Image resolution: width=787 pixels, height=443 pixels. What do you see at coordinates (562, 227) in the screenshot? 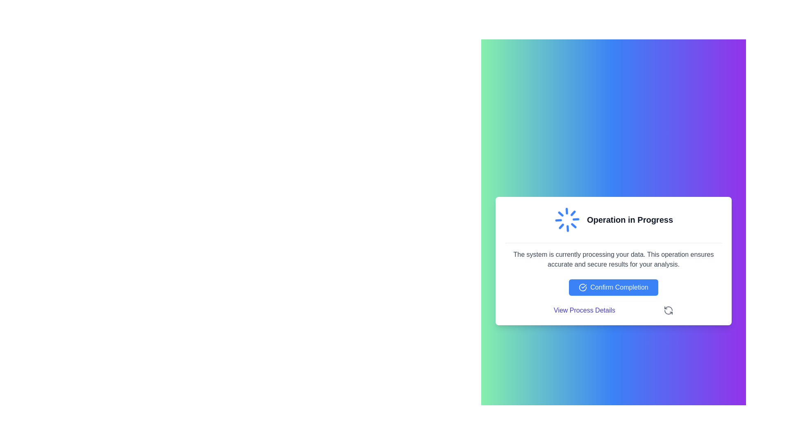
I see `the second diagonal line segment of the circular loader animation located at the upper left part of the loader` at bounding box center [562, 227].